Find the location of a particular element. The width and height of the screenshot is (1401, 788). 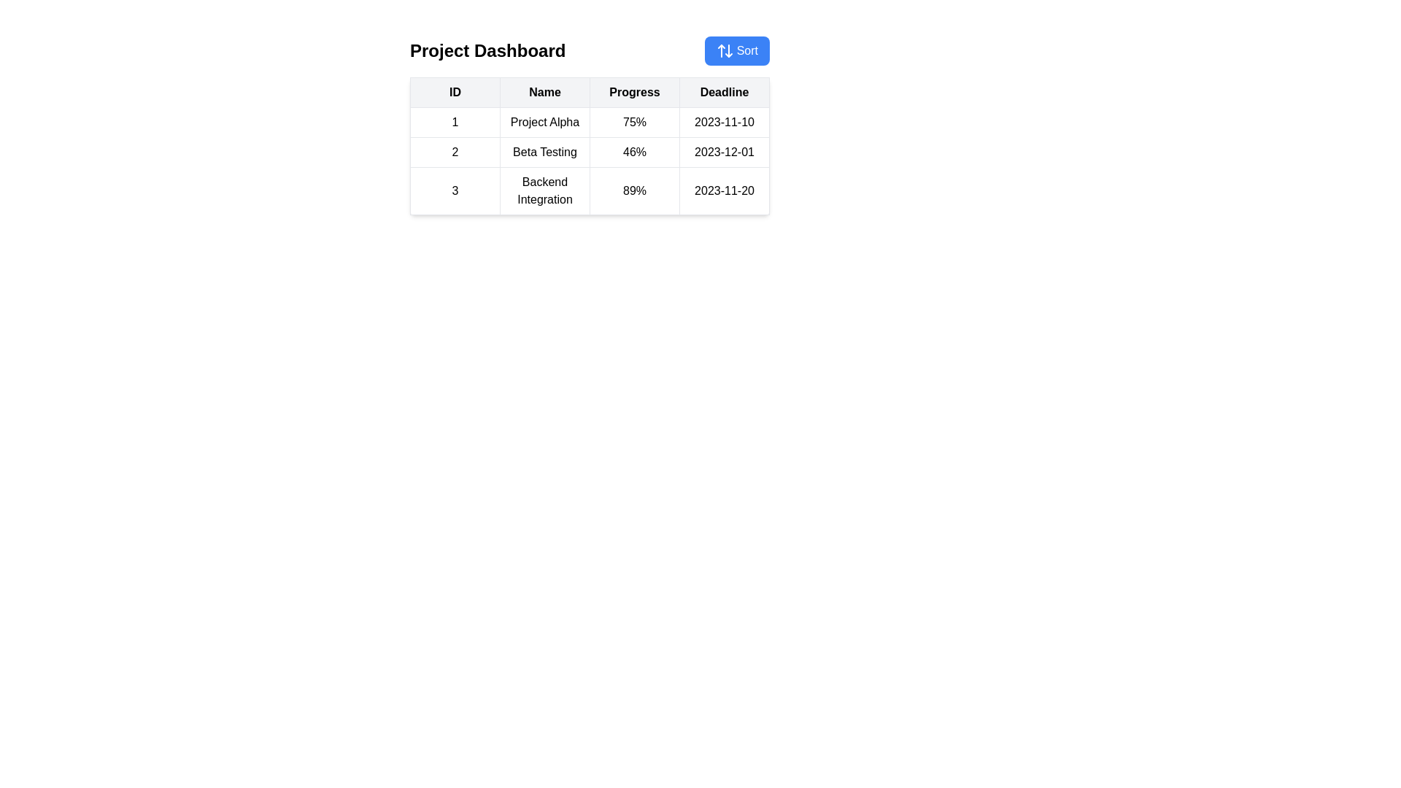

the Table header cell indicating the 'Progress' column, which is the third column from the left in the table header row is located at coordinates (634, 93).